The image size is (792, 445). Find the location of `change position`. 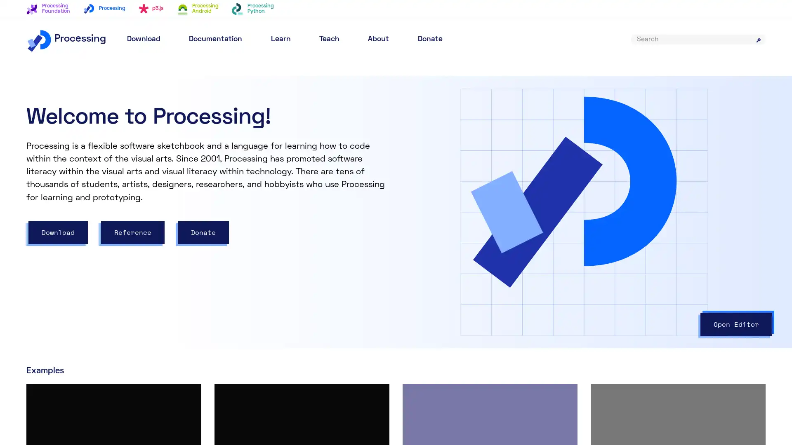

change position is located at coordinates (474, 197).